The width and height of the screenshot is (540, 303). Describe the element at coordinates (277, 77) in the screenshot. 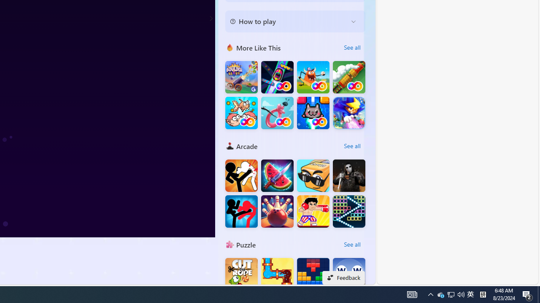

I see `'Bumper Car FRVR'` at that location.